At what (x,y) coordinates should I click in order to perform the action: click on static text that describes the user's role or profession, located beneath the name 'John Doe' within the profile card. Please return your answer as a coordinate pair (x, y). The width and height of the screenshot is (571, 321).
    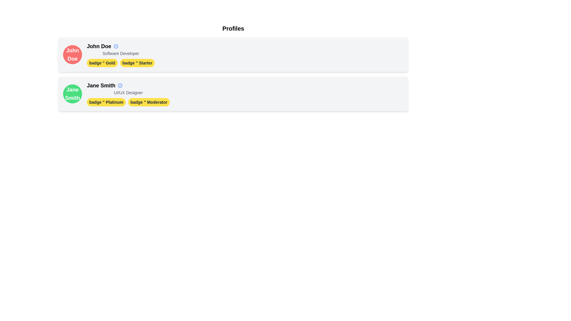
    Looking at the image, I should click on (120, 53).